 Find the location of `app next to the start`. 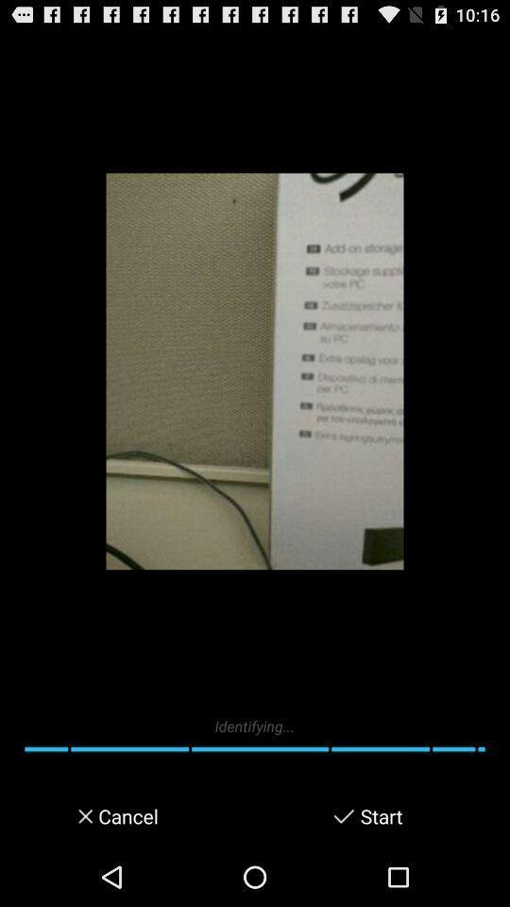

app next to the start is located at coordinates (343, 815).